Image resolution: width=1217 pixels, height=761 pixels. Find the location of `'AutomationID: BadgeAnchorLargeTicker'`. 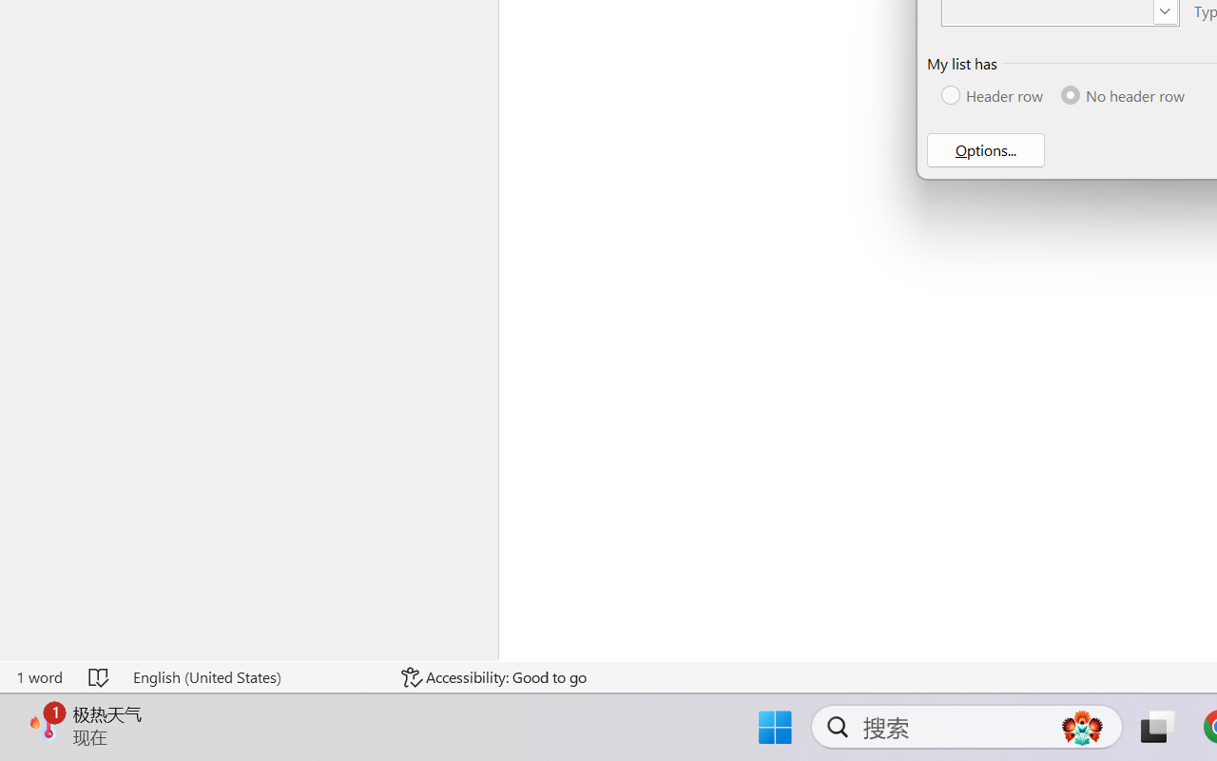

'AutomationID: BadgeAnchorLargeTicker' is located at coordinates (44, 725).